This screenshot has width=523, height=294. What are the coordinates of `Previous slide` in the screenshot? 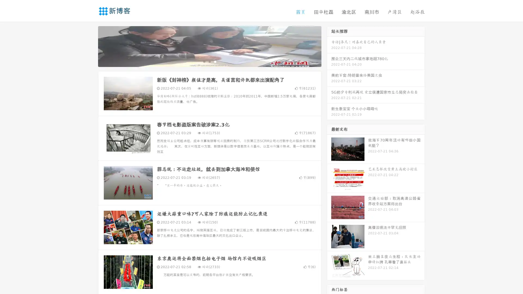 It's located at (90, 46).